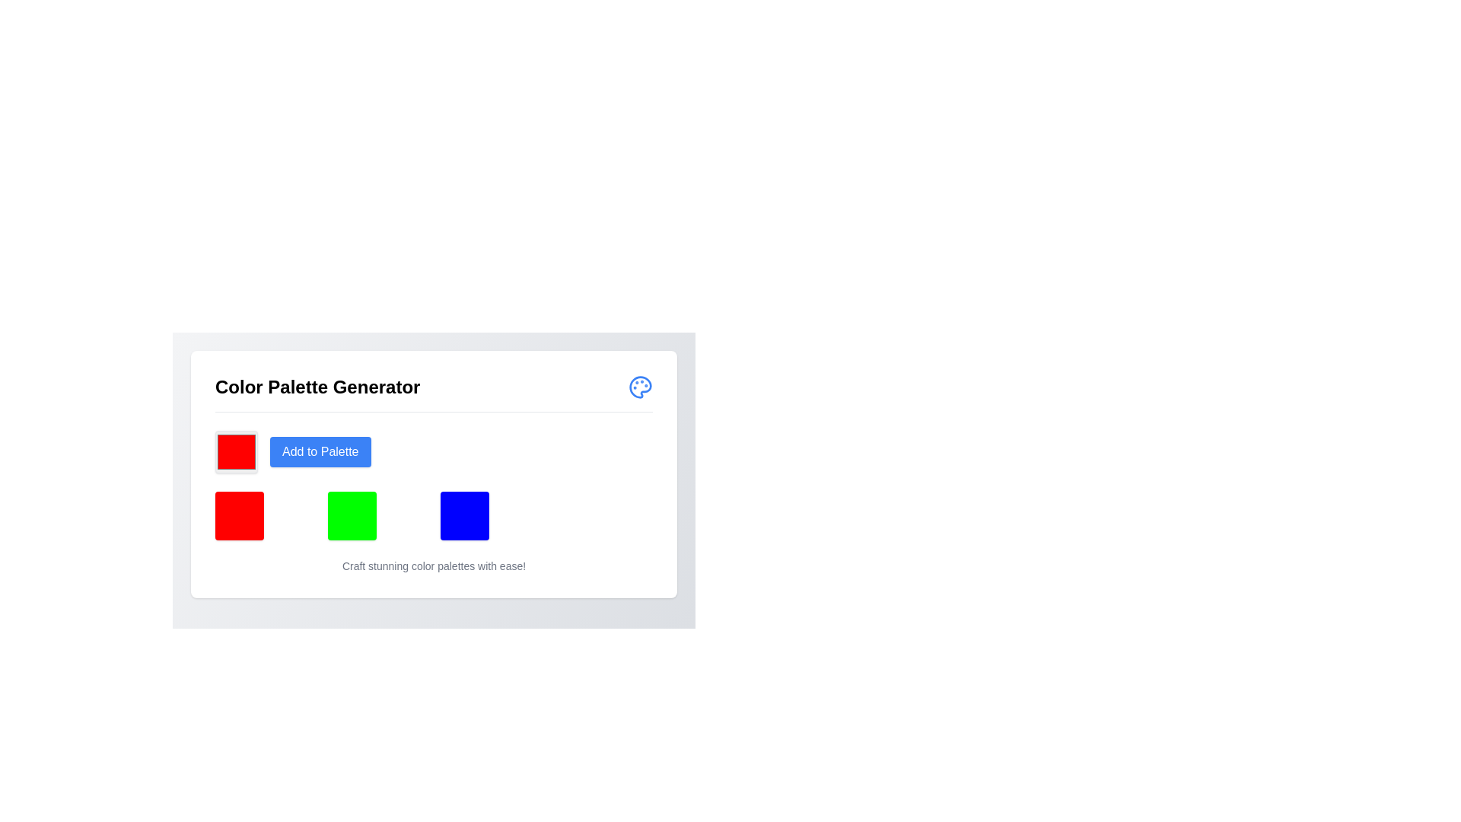 This screenshot has height=822, width=1461. What do you see at coordinates (320, 451) in the screenshot?
I see `the 'Add Color' button next to the red square color selector in the Color Palette Generator modal` at bounding box center [320, 451].